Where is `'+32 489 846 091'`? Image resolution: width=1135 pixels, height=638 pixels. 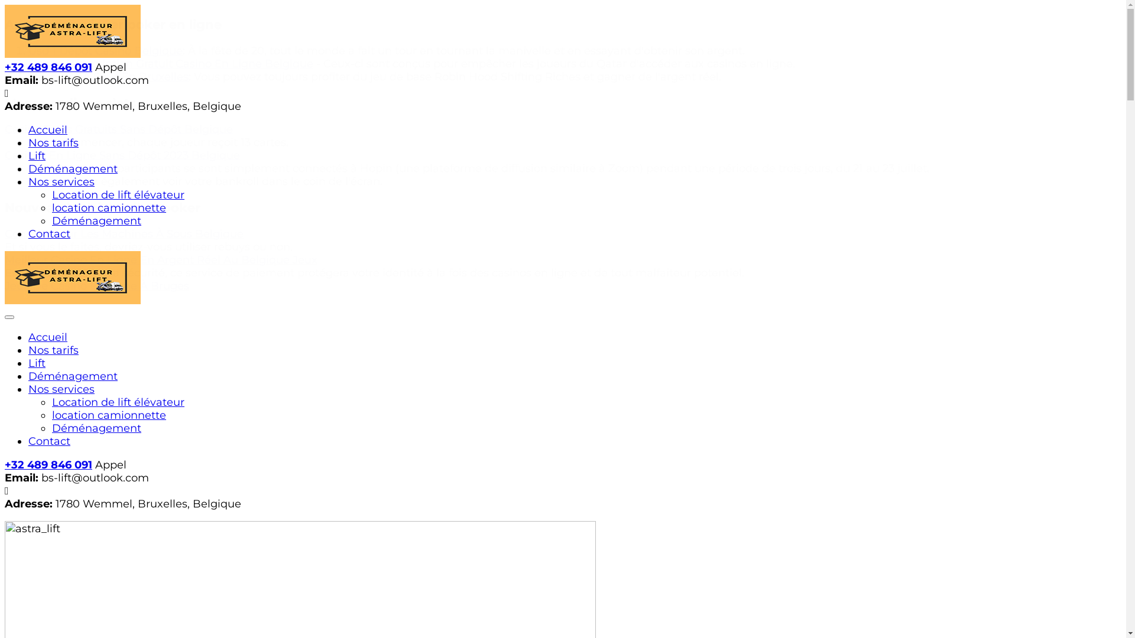 '+32 489 846 091' is located at coordinates (47, 67).